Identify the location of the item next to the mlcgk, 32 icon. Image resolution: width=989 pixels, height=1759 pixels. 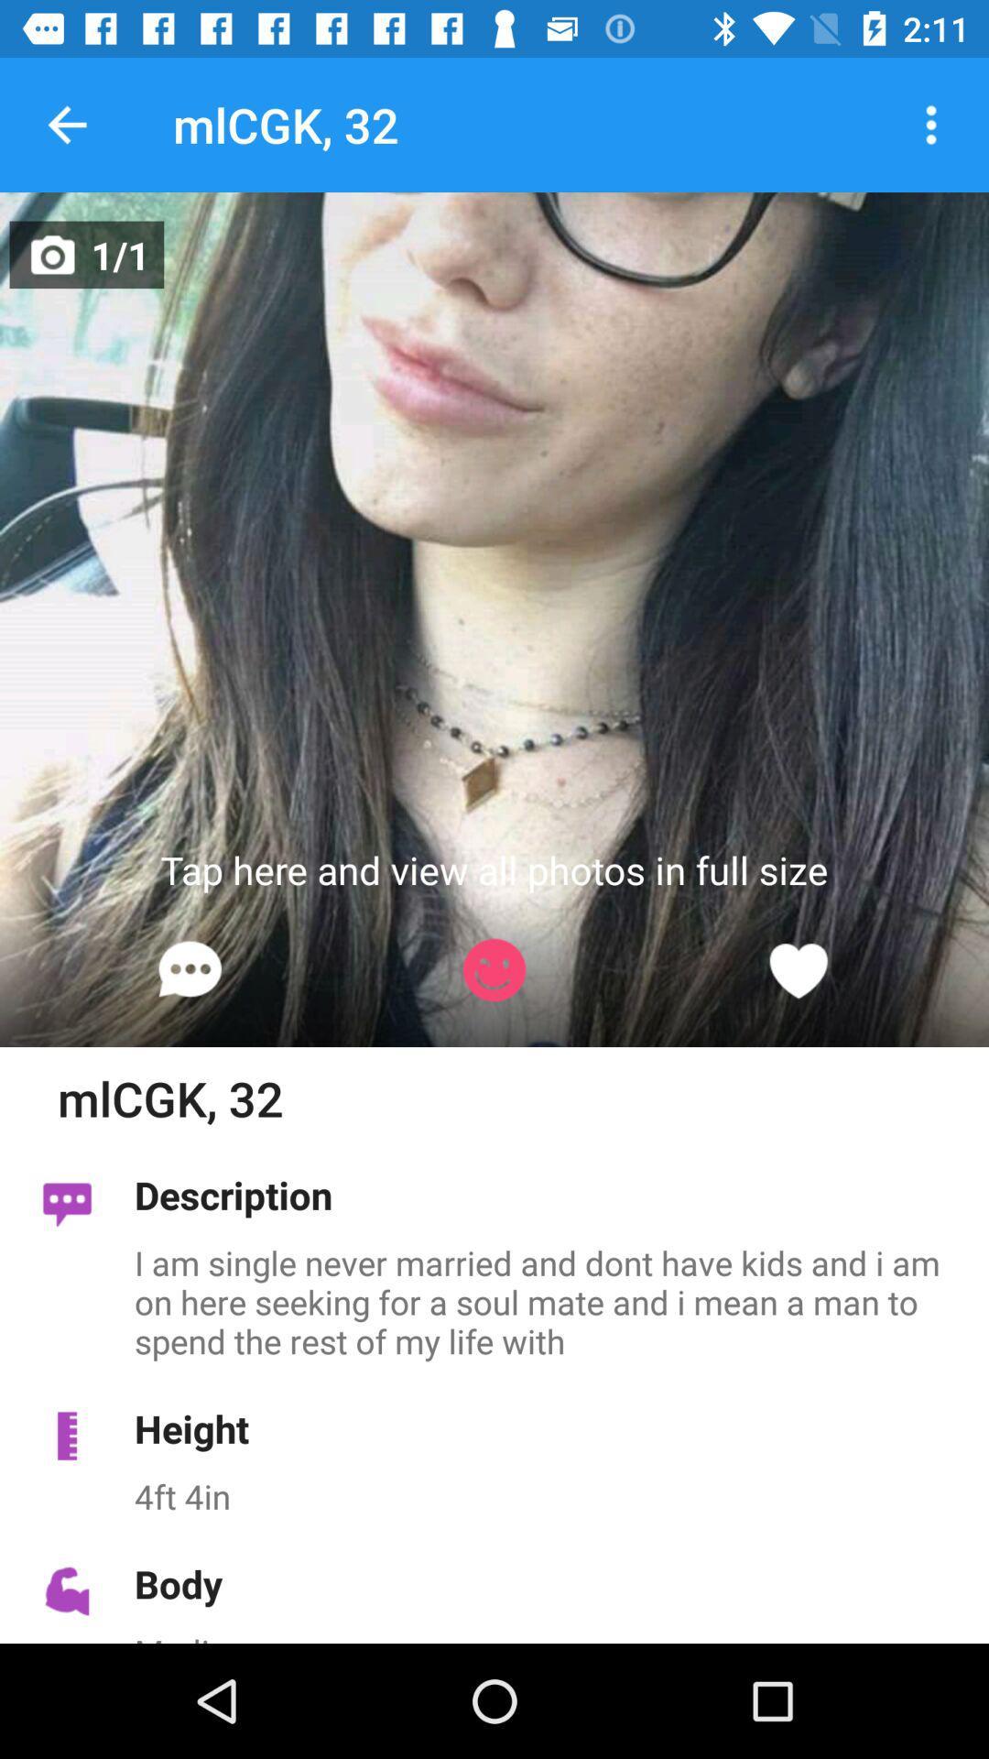
(931, 124).